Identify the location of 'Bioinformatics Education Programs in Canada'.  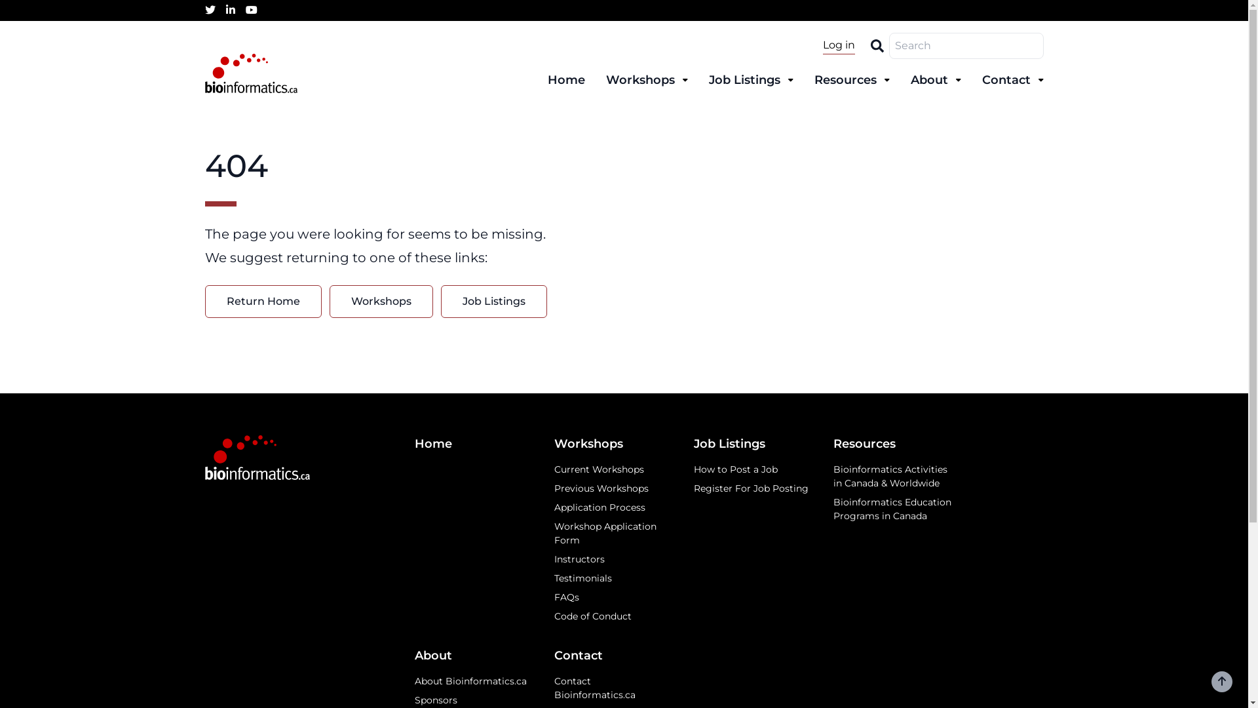
(892, 508).